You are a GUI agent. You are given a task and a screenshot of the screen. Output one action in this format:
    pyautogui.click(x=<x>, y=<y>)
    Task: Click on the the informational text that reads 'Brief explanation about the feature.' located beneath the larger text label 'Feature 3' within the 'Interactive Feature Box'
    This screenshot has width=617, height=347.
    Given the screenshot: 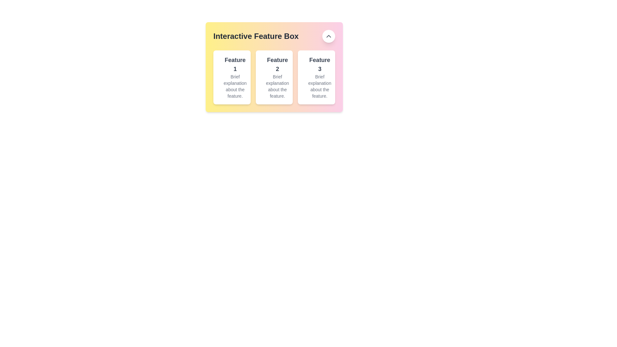 What is the action you would take?
    pyautogui.click(x=320, y=86)
    